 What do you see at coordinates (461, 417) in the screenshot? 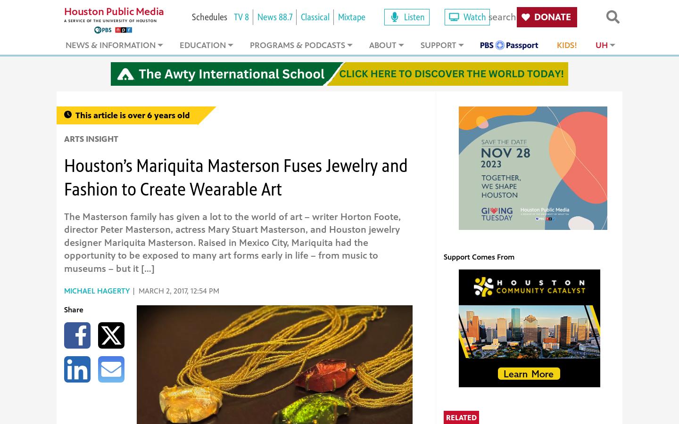
I see `'Related'` at bounding box center [461, 417].